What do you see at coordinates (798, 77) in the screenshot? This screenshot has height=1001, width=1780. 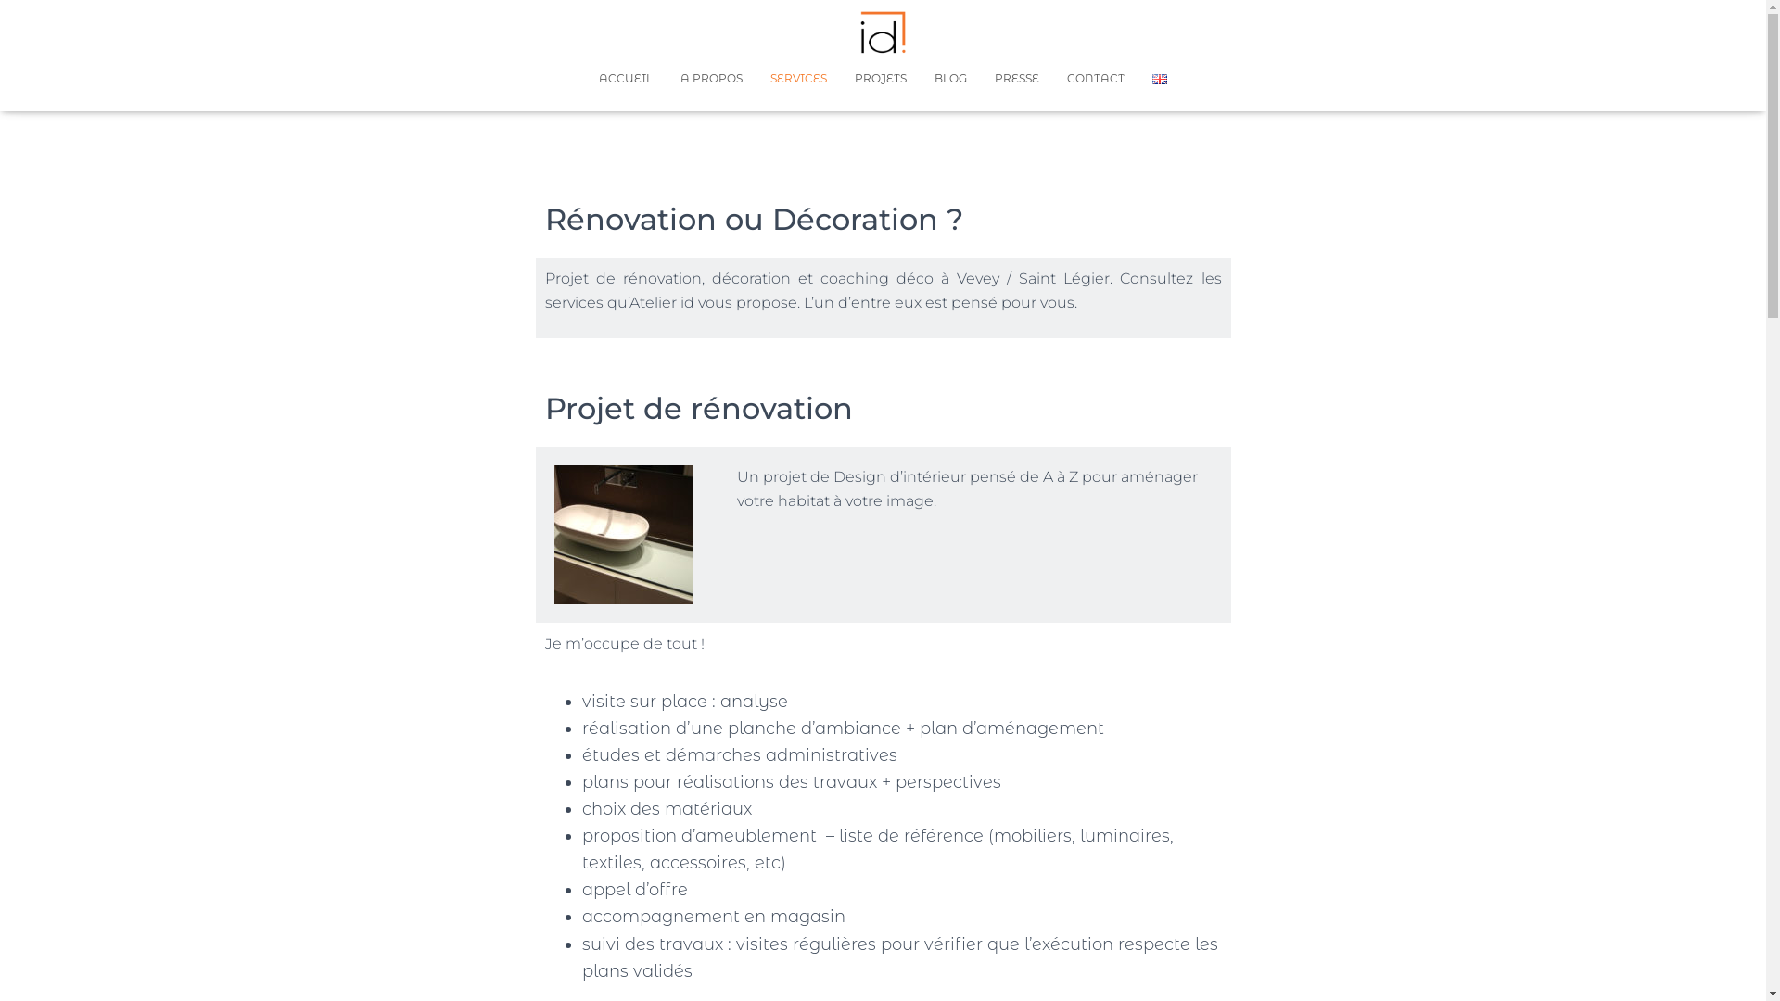 I see `'SERVICES'` at bounding box center [798, 77].